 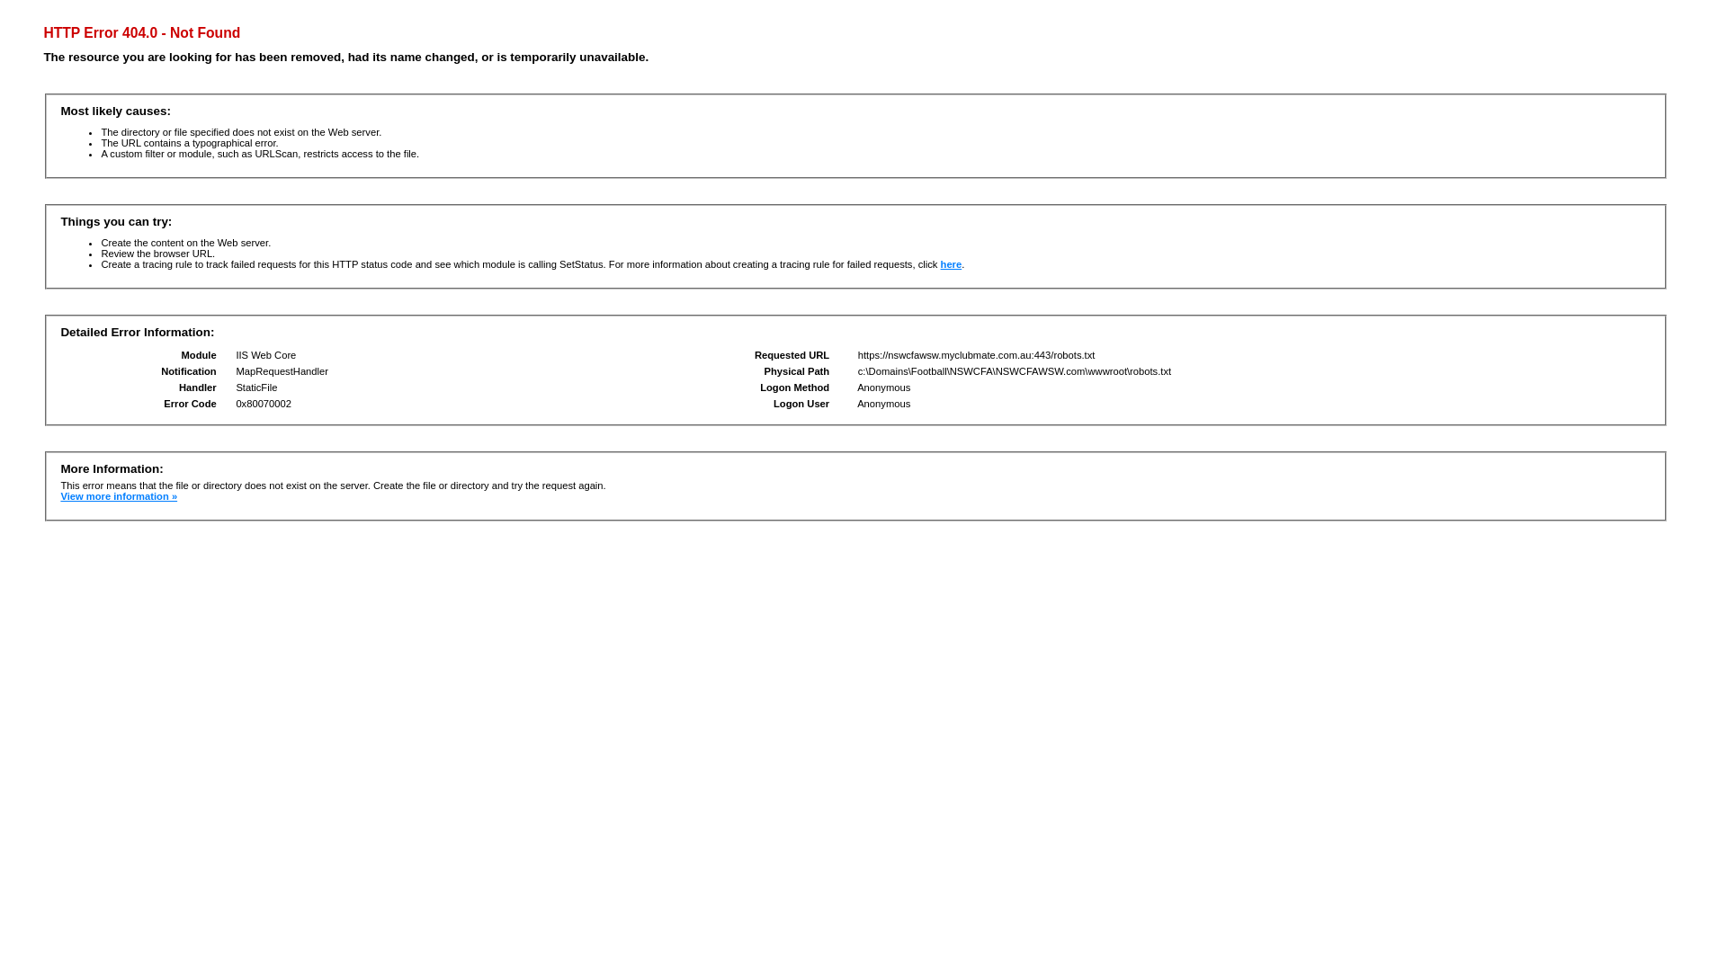 I want to click on 'here', so click(x=950, y=263).